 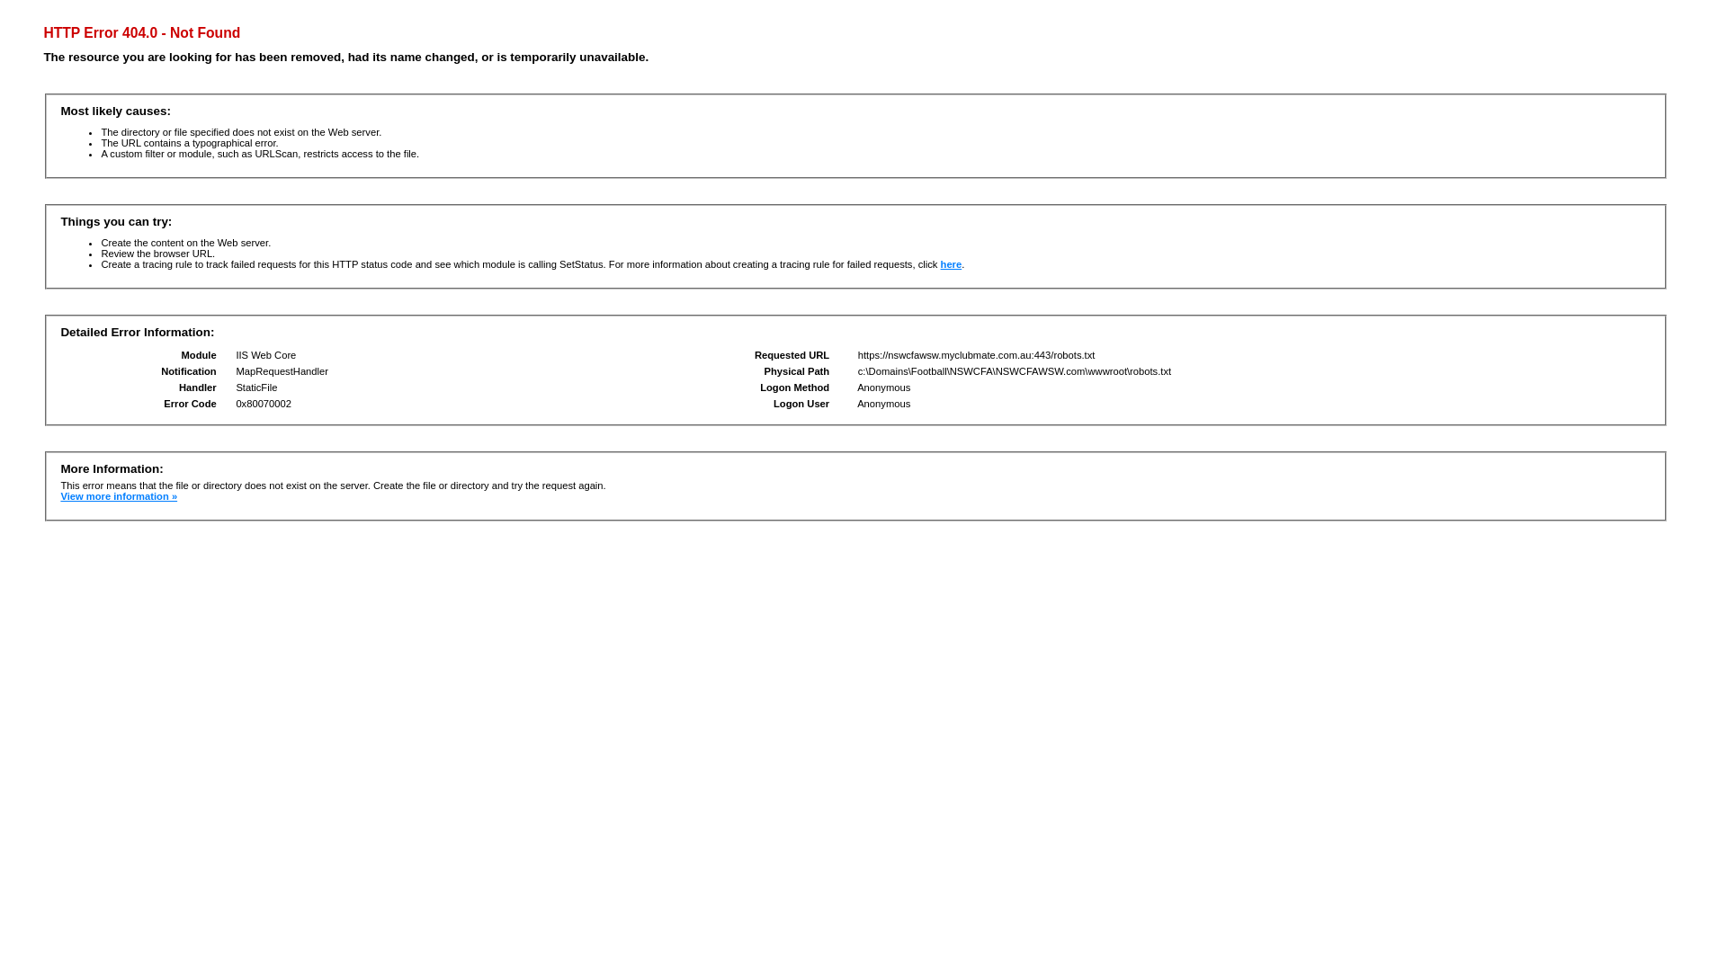 I want to click on 'here', so click(x=950, y=263).